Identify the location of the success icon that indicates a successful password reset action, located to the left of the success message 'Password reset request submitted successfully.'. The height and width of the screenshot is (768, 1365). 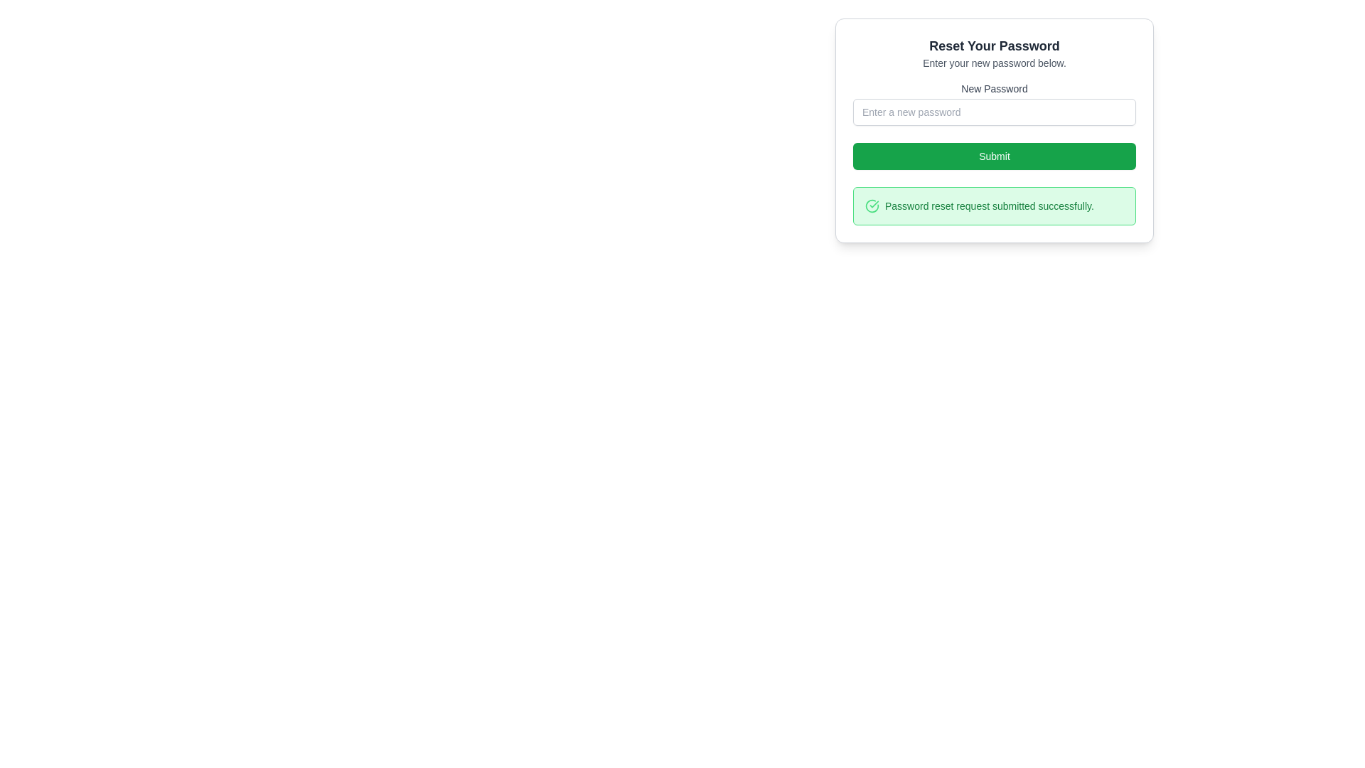
(872, 206).